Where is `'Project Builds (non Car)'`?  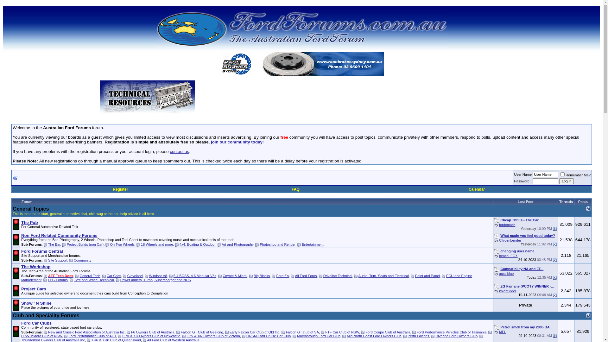
'Project Builds (non Car)' is located at coordinates (66, 244).